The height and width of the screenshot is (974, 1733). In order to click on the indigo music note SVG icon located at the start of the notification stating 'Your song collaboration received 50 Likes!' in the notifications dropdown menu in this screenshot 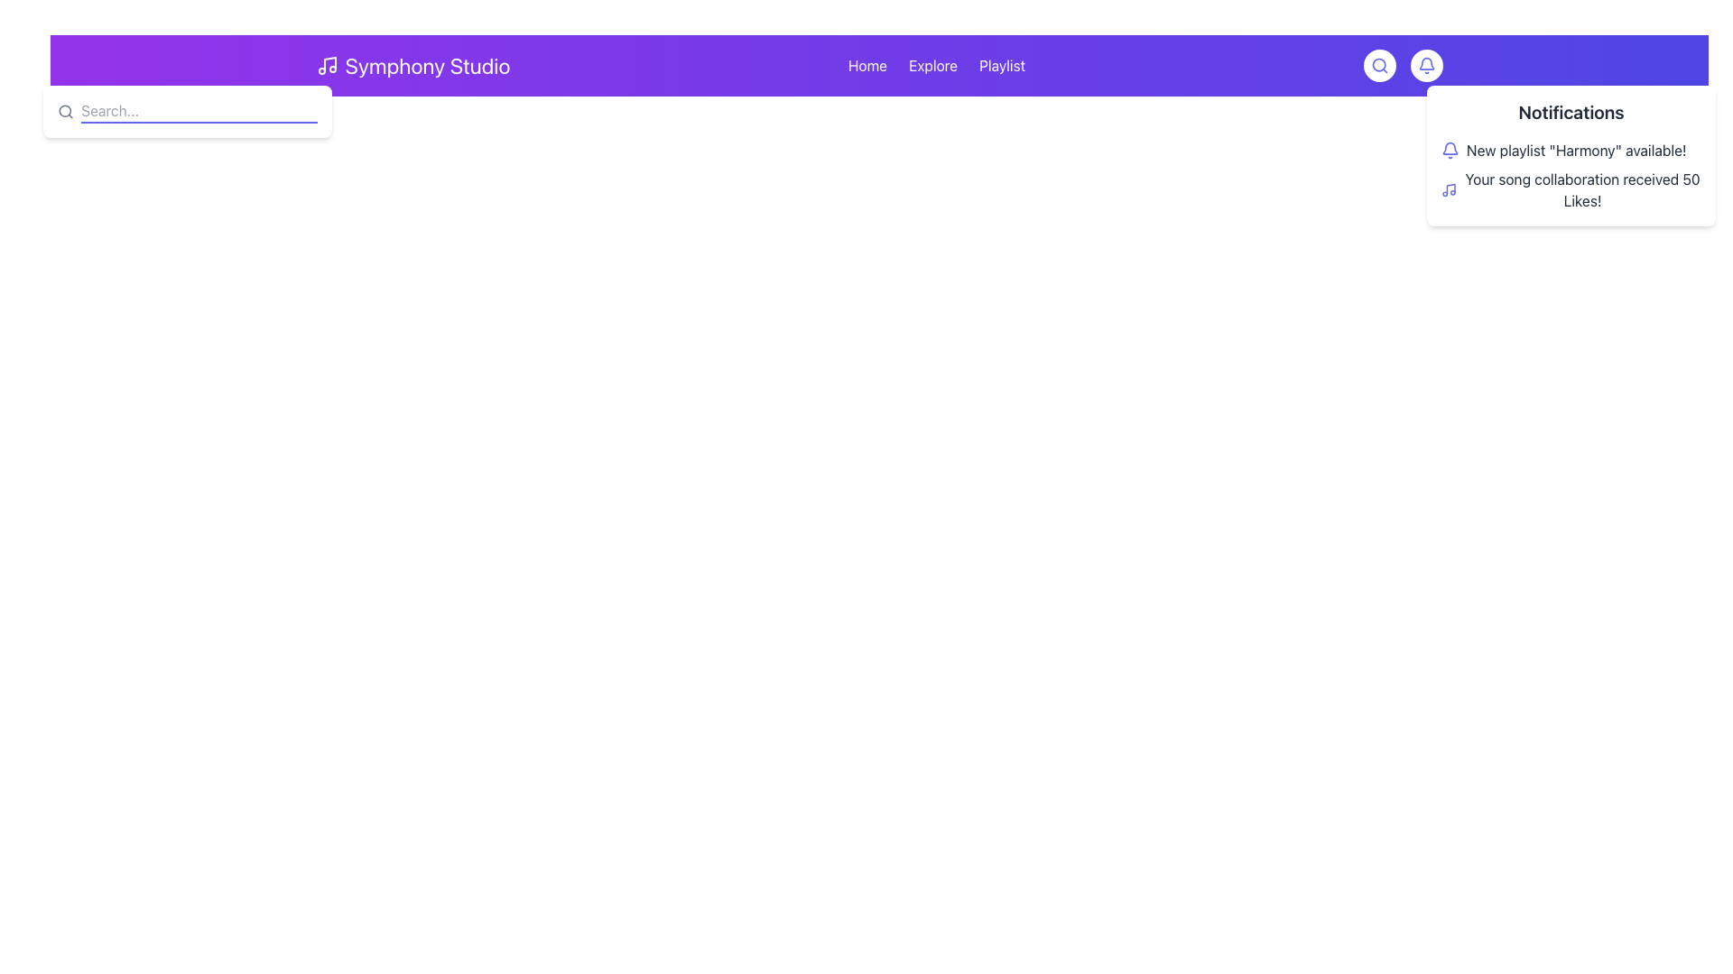, I will do `click(1449, 190)`.